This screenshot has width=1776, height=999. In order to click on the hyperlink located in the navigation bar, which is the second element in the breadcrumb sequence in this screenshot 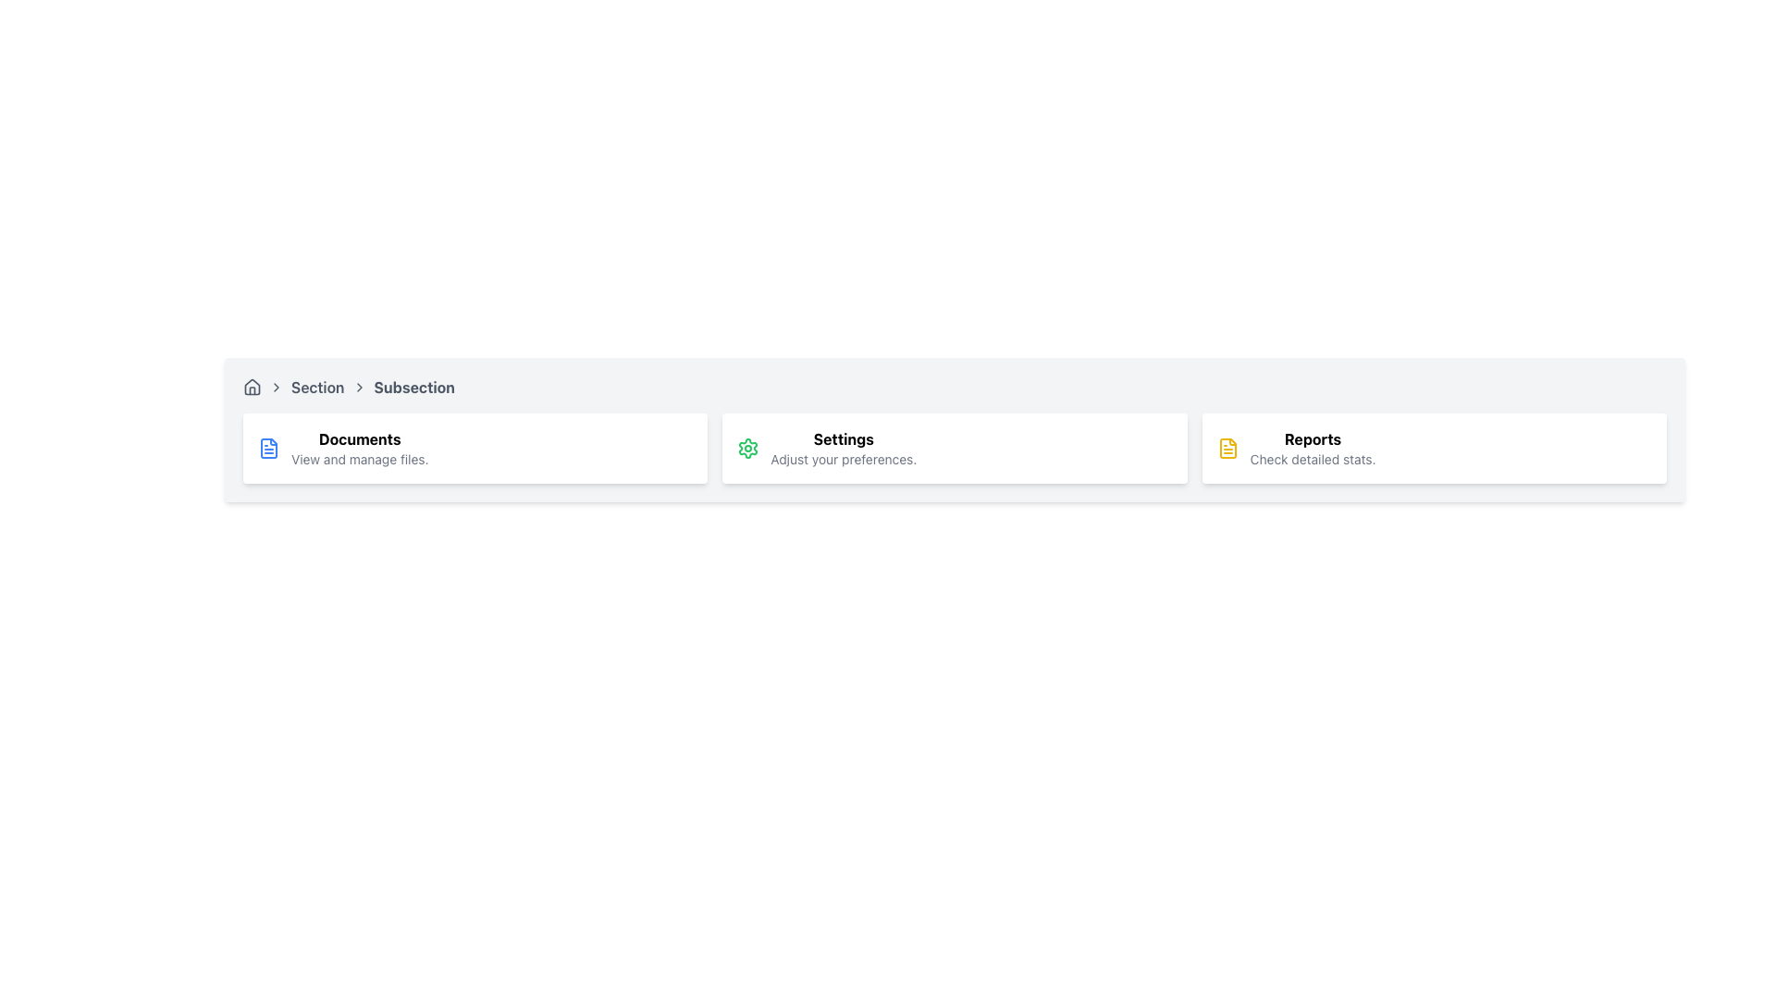, I will do `click(316, 387)`.